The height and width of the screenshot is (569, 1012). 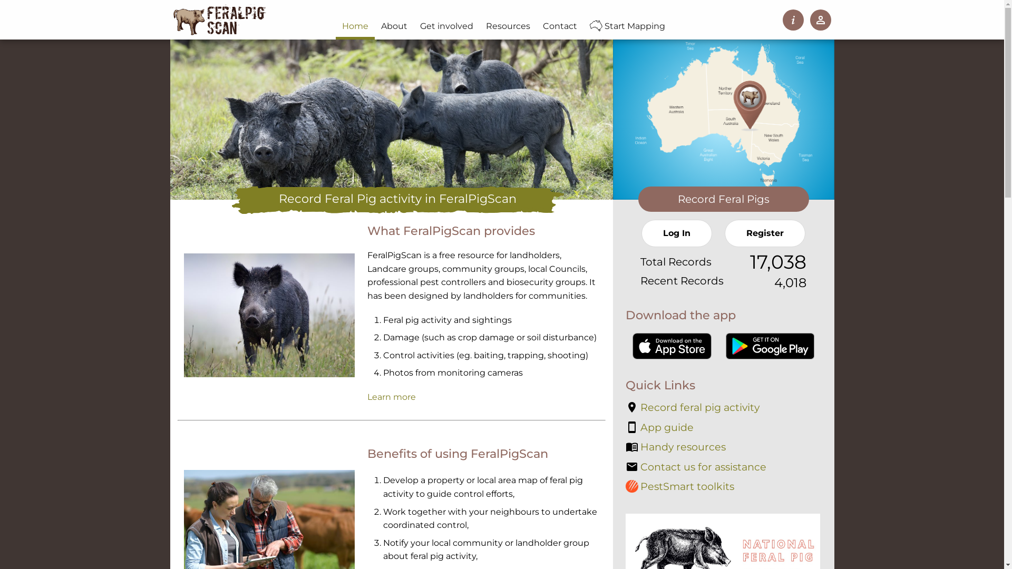 I want to click on 'Get involved', so click(x=446, y=26).